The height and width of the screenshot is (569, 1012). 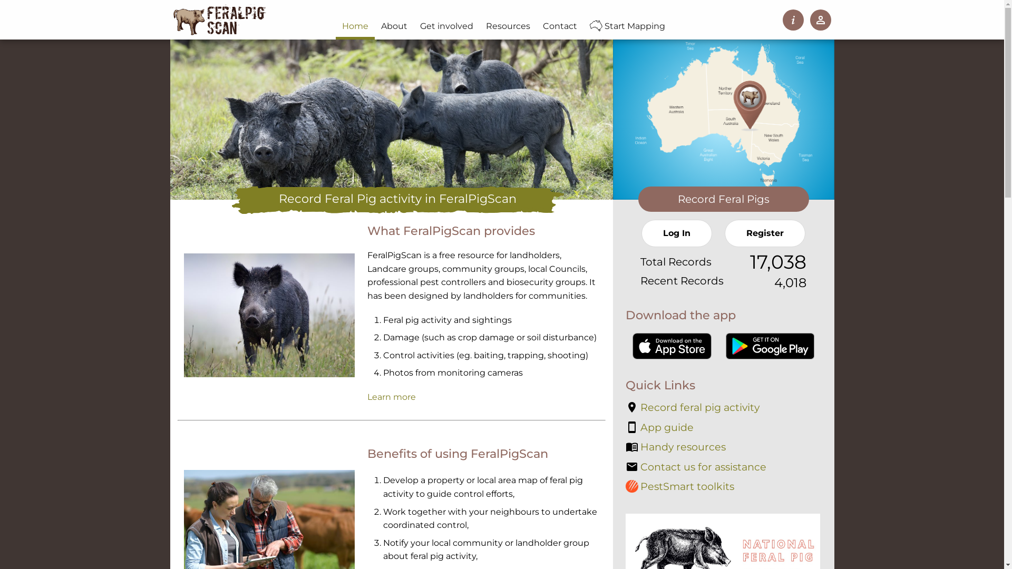 I want to click on 'Get involved', so click(x=446, y=26).